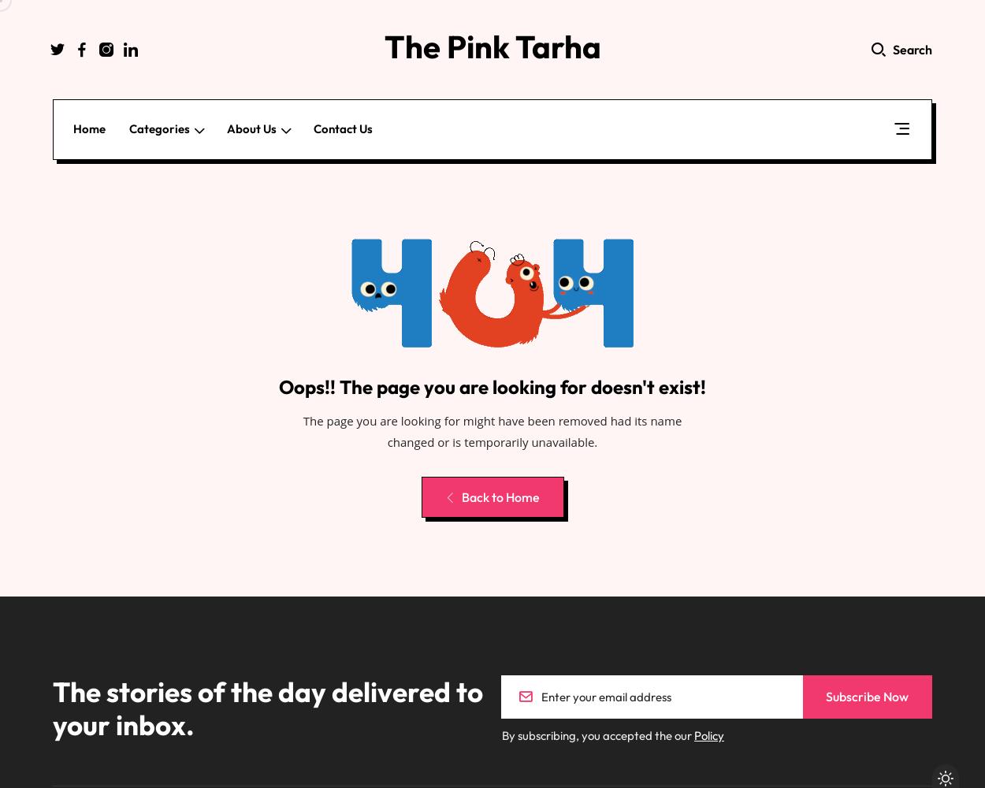 The width and height of the screenshot is (985, 788). I want to click on 'Categories', so click(158, 128).